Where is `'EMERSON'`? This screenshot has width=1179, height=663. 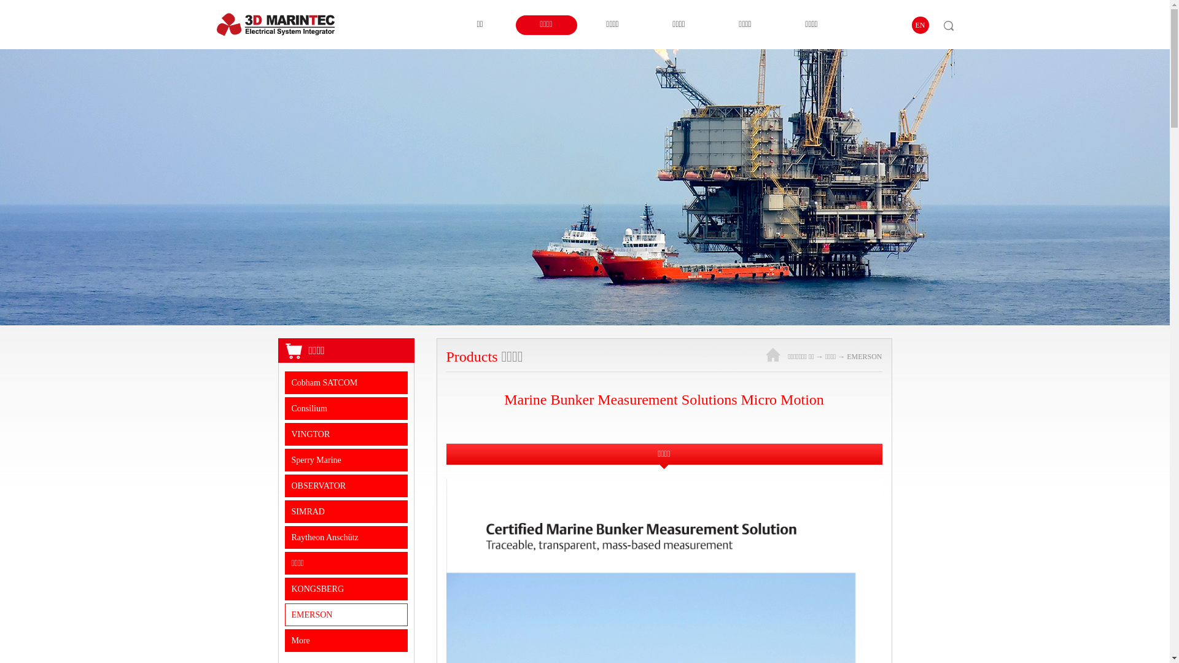 'EMERSON' is located at coordinates (346, 615).